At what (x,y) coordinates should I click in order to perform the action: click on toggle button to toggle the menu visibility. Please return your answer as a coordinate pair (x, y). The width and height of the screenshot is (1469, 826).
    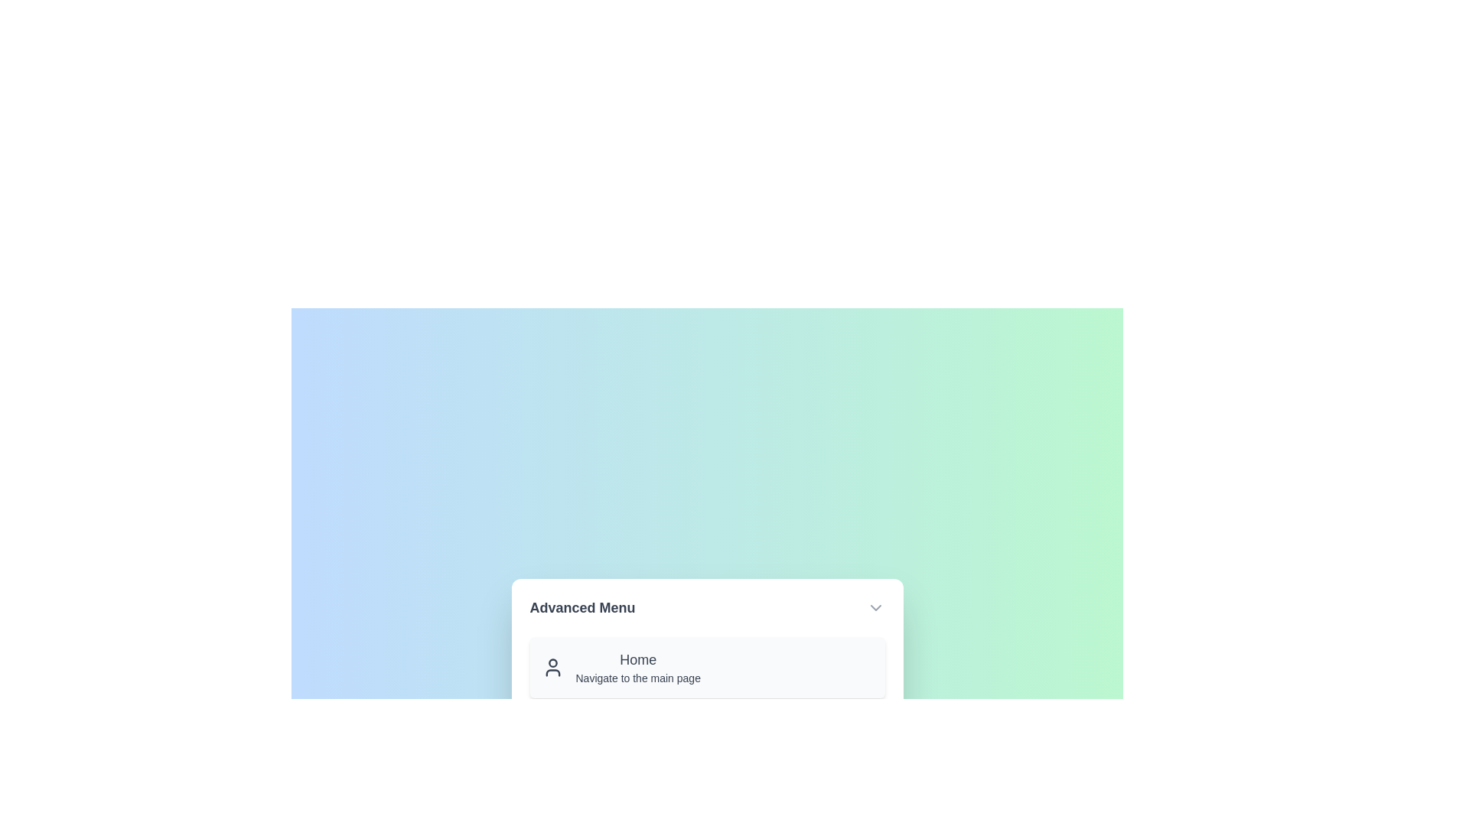
    Looking at the image, I should click on (875, 606).